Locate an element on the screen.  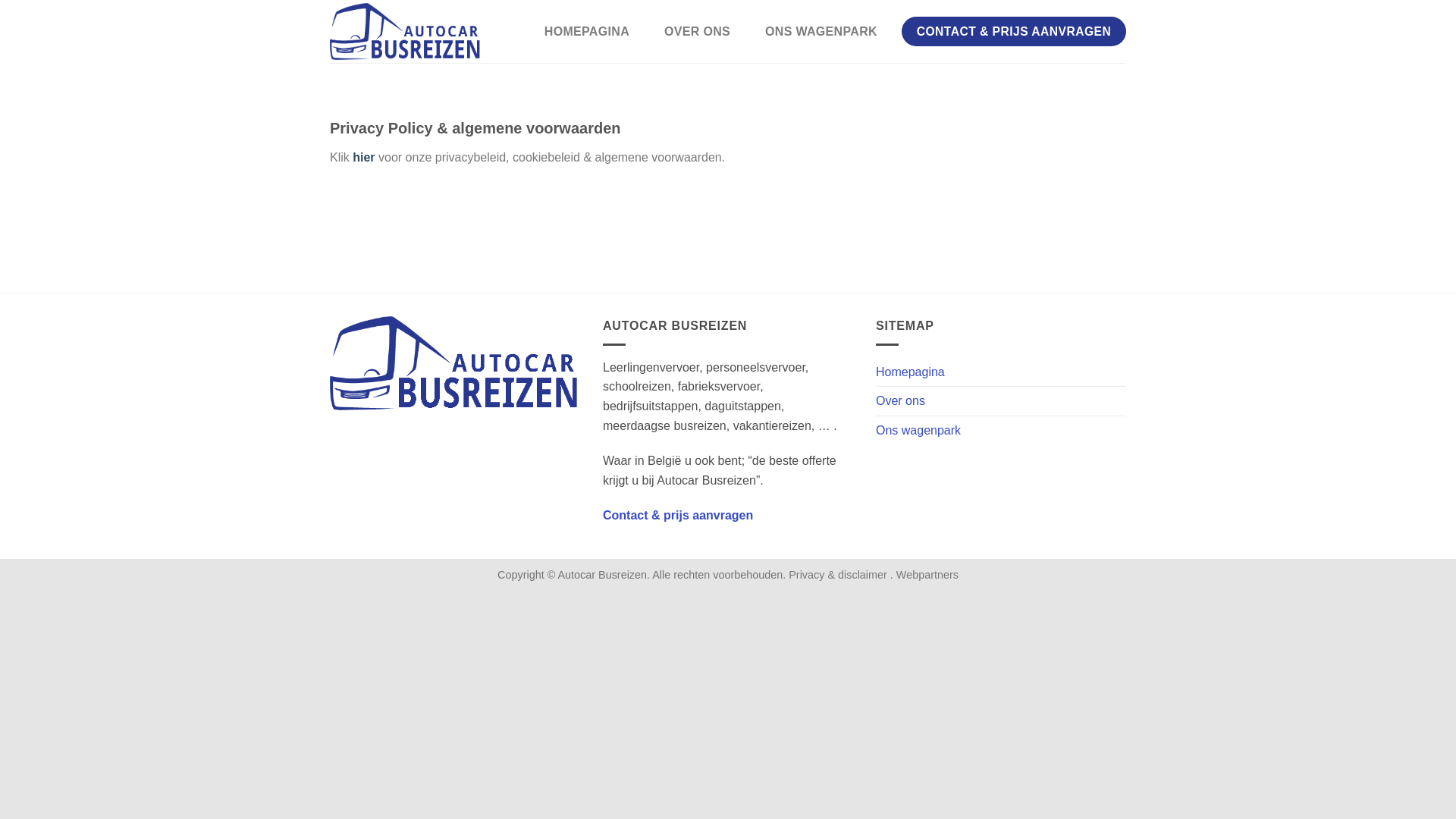
'Privacy & disclaimer' is located at coordinates (839, 575).